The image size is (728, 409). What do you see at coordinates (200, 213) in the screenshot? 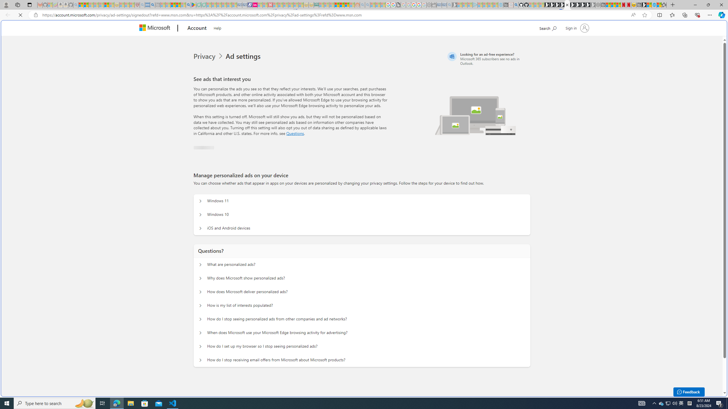
I see `'Manage personalized ads on your device Windows 10'` at bounding box center [200, 213].